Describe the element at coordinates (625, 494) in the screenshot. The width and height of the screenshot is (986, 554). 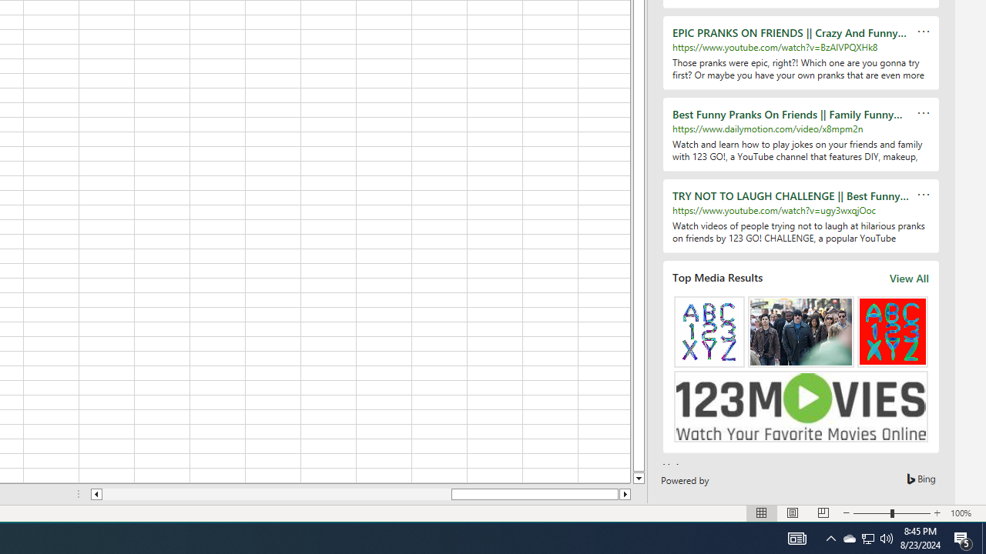
I see `'Column right'` at that location.